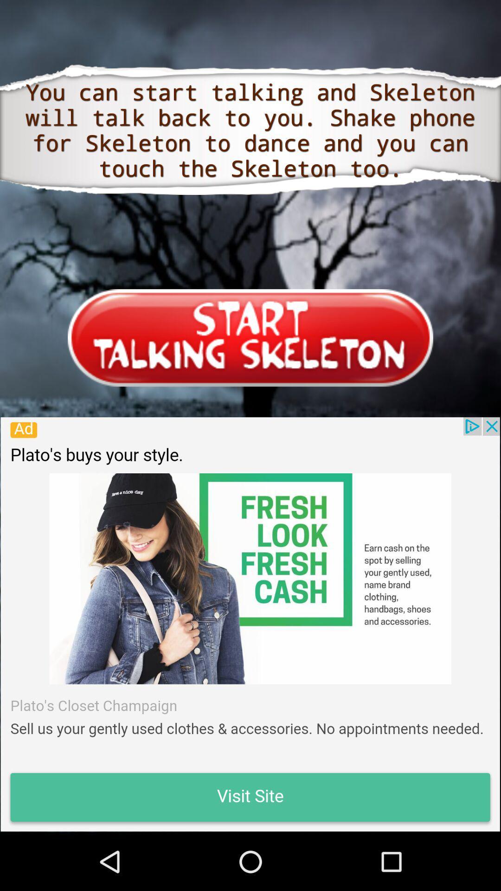  Describe the element at coordinates (250, 624) in the screenshot. I see `fresh look advertisement` at that location.